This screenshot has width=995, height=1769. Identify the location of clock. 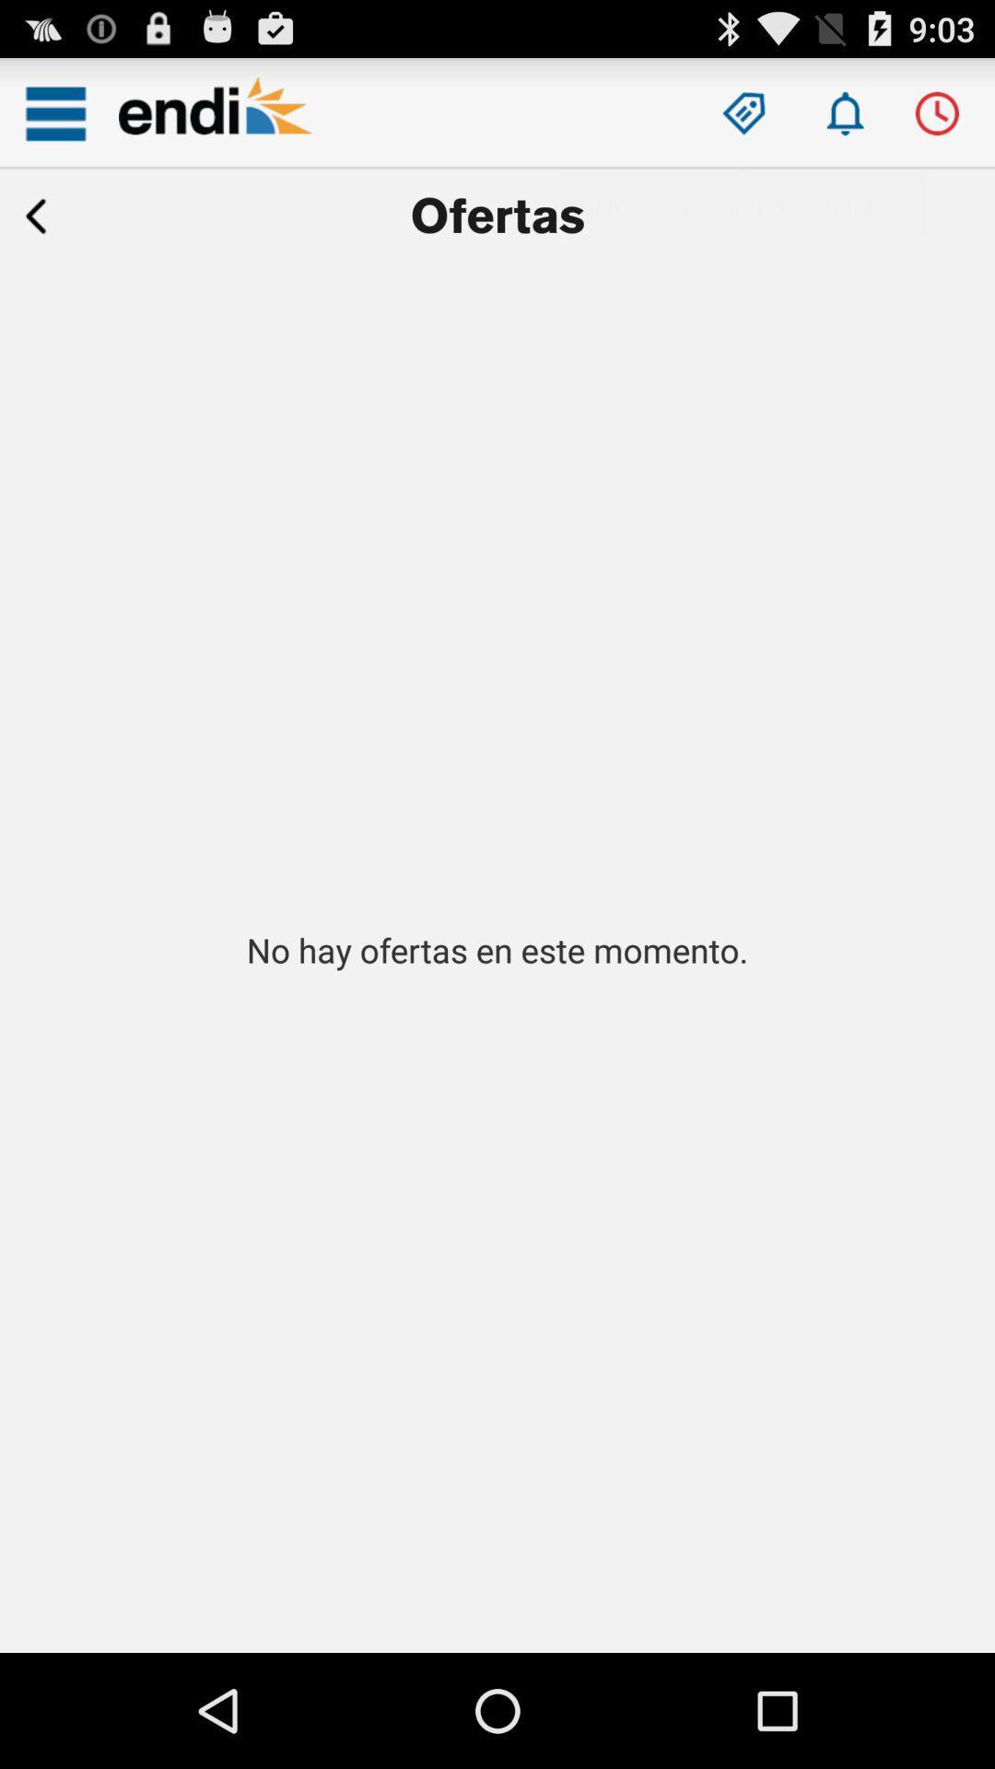
(937, 112).